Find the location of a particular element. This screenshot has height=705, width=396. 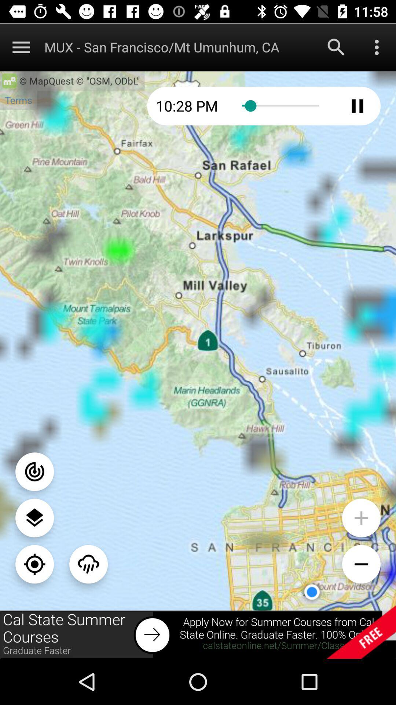

the home icon is located at coordinates (10, 81).